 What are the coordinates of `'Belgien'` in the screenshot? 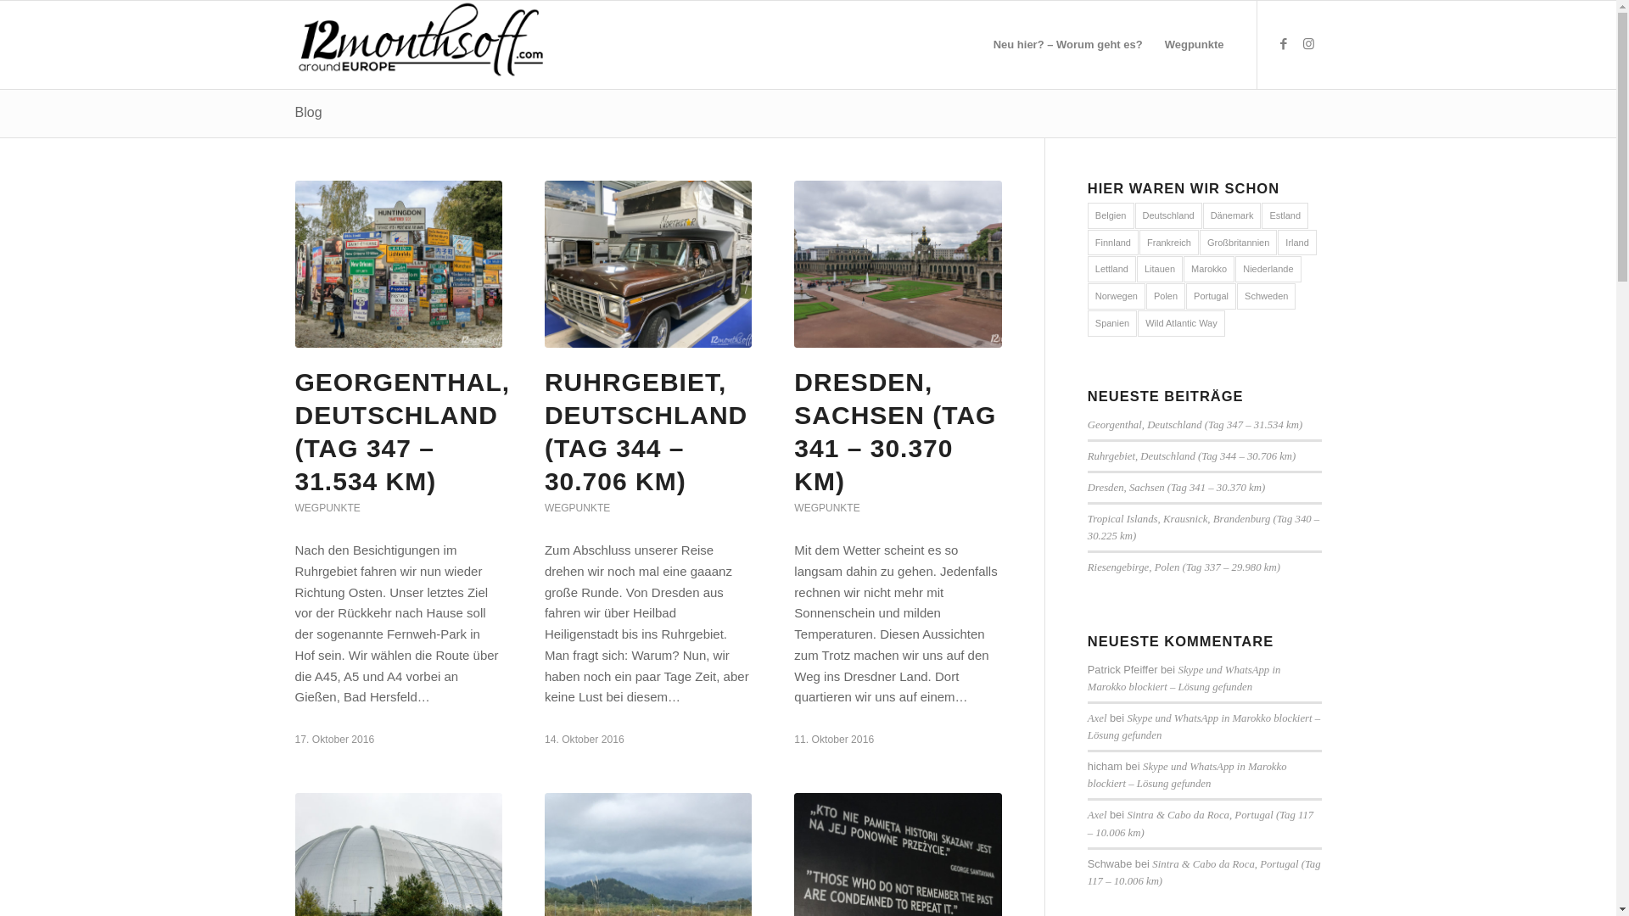 It's located at (1111, 215).